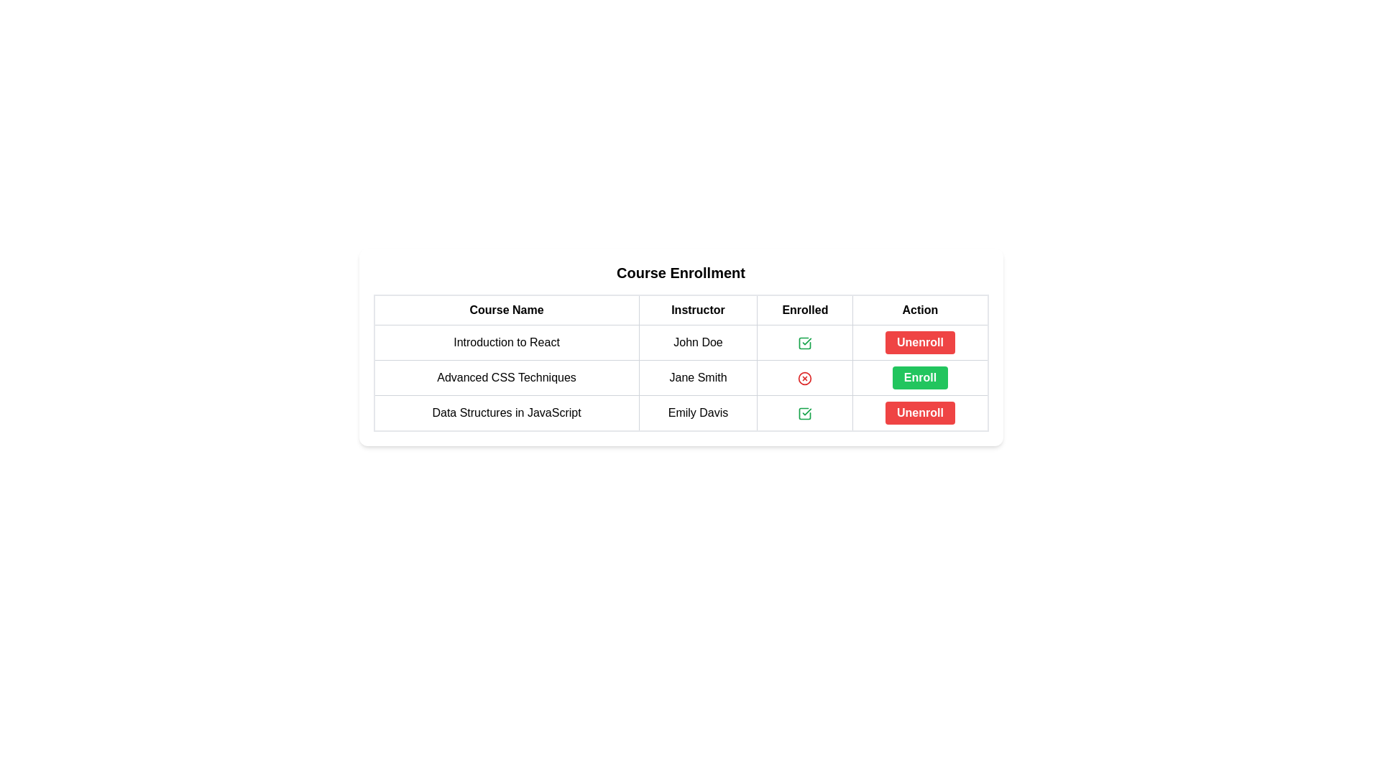  Describe the element at coordinates (920, 343) in the screenshot. I see `the 'Unenroll' button with a red background and white text located in the 'Action' column for the 'Introduction to React' course` at that location.